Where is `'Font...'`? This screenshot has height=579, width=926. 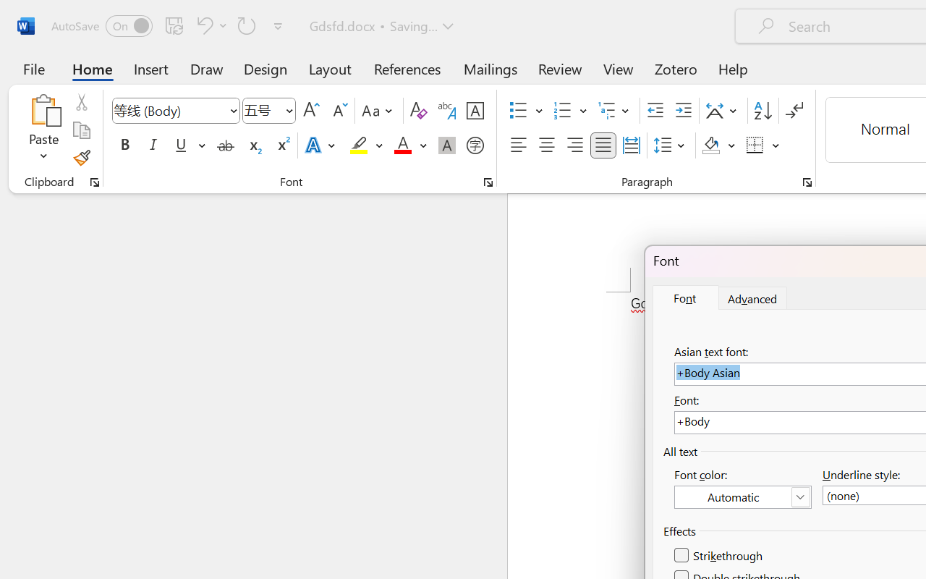 'Font...' is located at coordinates (488, 182).